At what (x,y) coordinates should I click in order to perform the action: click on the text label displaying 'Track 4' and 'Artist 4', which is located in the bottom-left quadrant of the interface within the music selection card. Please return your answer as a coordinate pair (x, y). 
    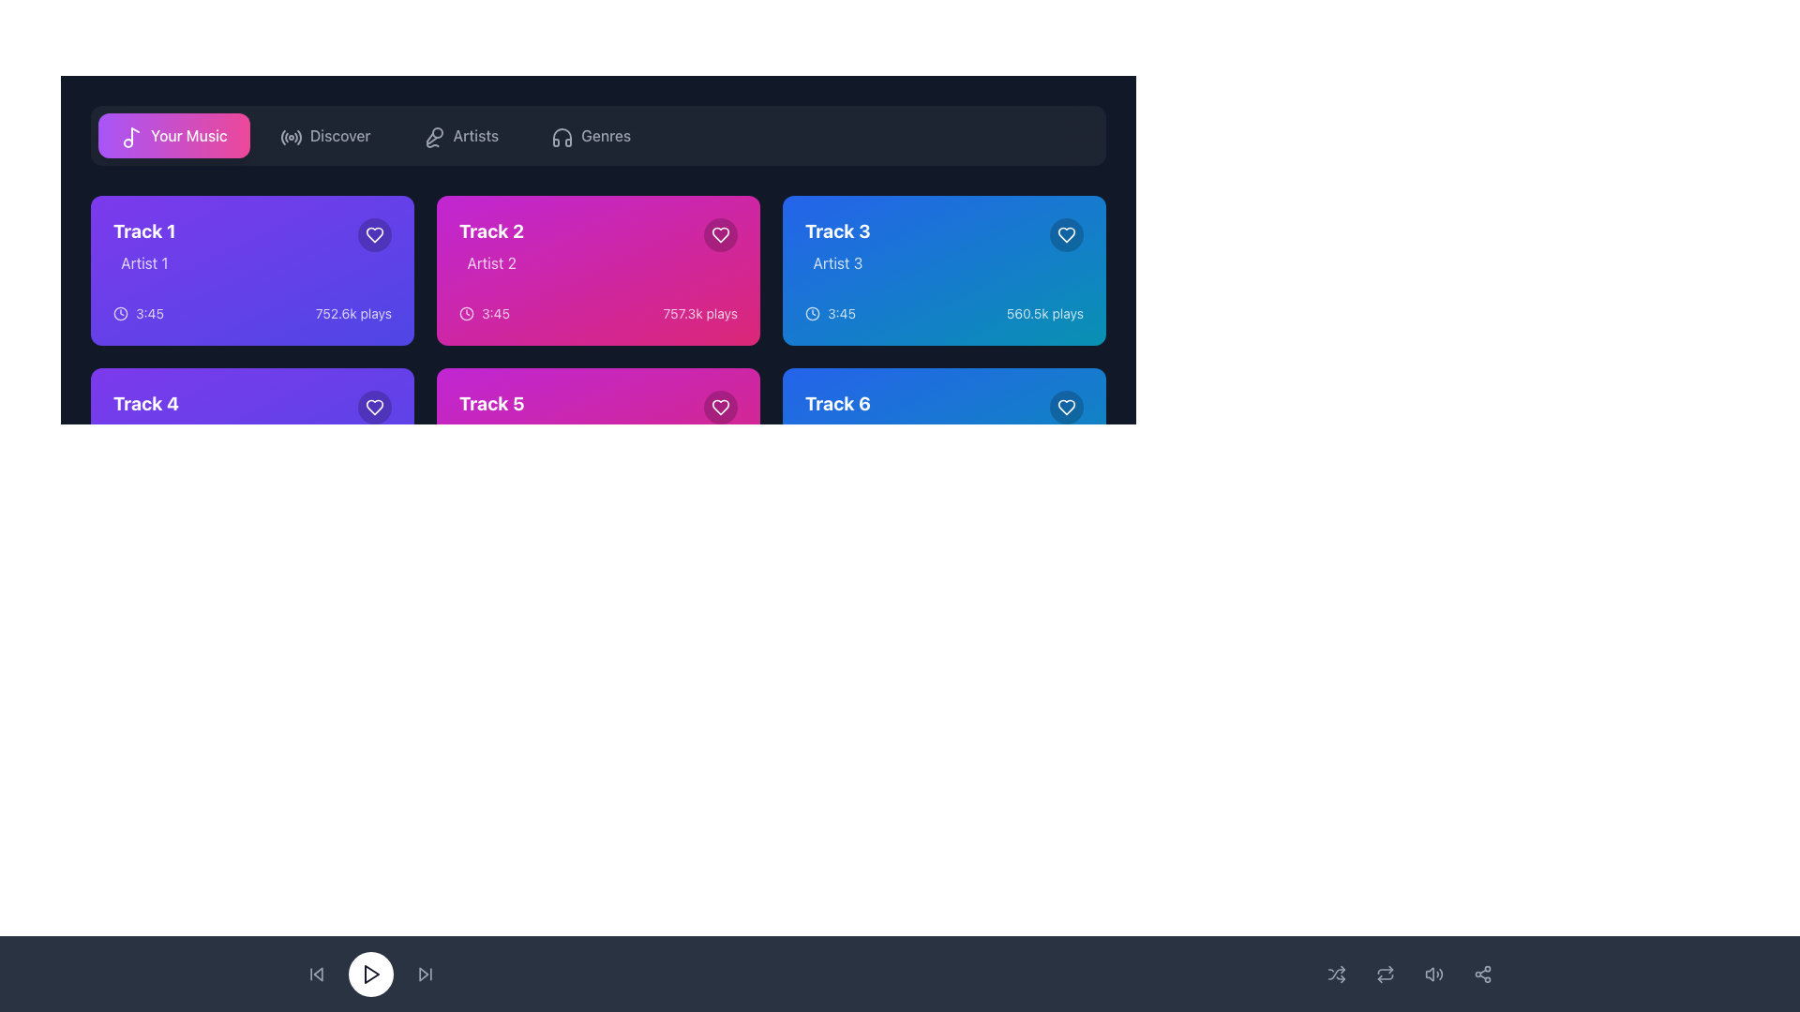
    Looking at the image, I should click on (145, 418).